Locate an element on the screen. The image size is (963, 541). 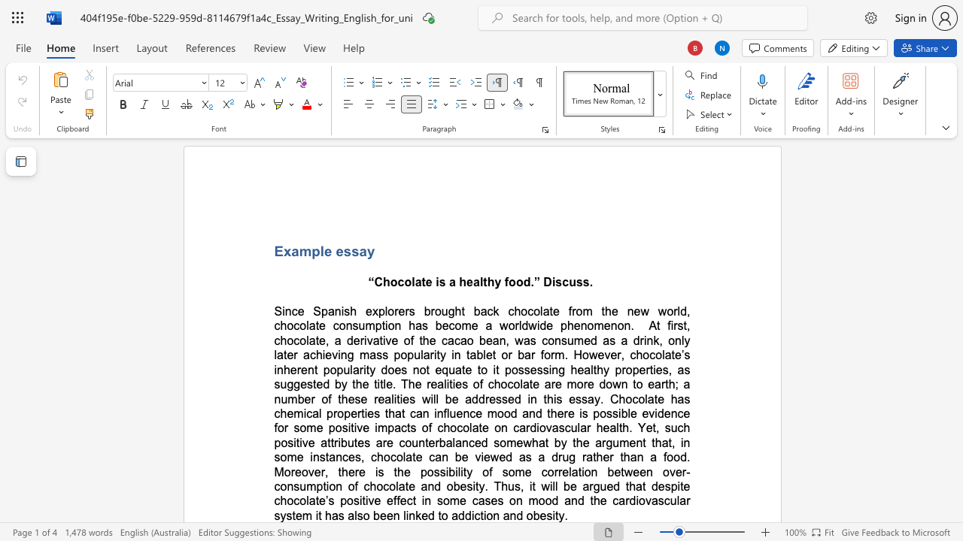
the 3th character "a" in the text is located at coordinates (454, 515).